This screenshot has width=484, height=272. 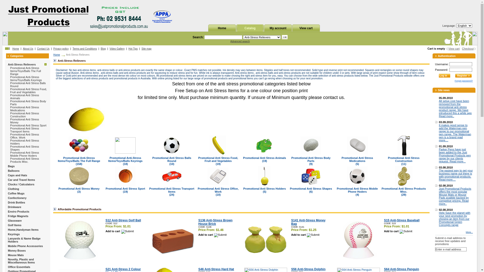 What do you see at coordinates (128, 49) in the screenshot?
I see `'Hot Tips'` at bounding box center [128, 49].